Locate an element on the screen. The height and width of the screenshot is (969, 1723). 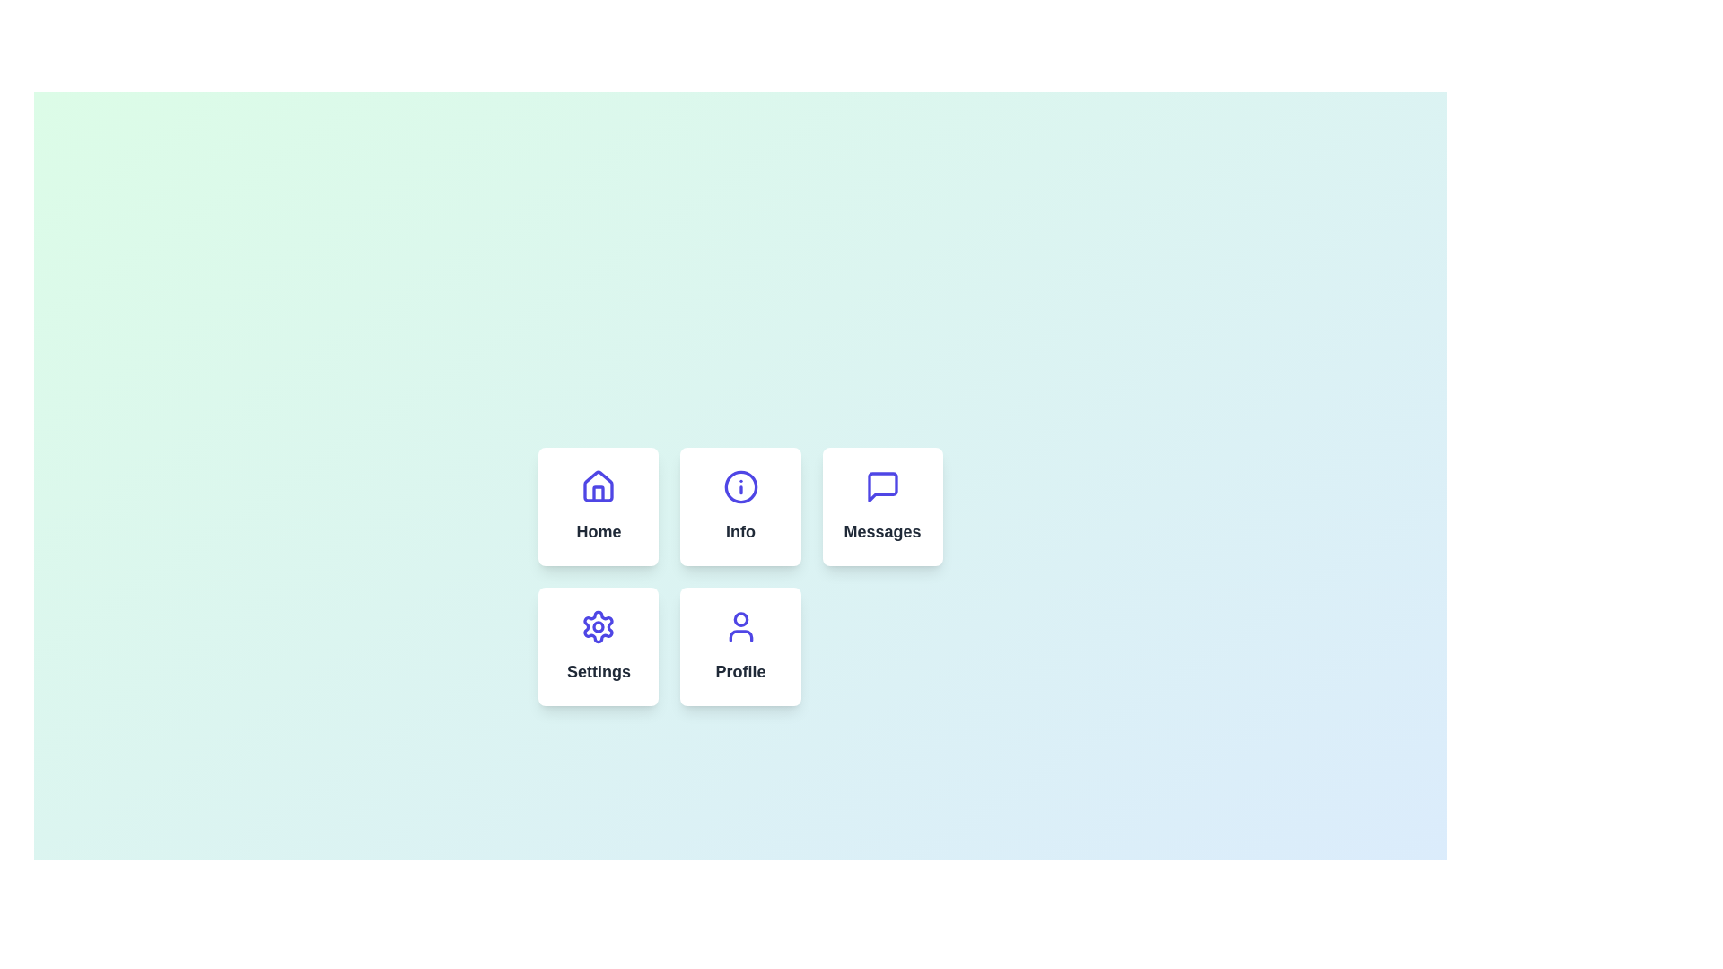
the circular indigo 'i' icon located in the central card of the top row is located at coordinates (740, 487).